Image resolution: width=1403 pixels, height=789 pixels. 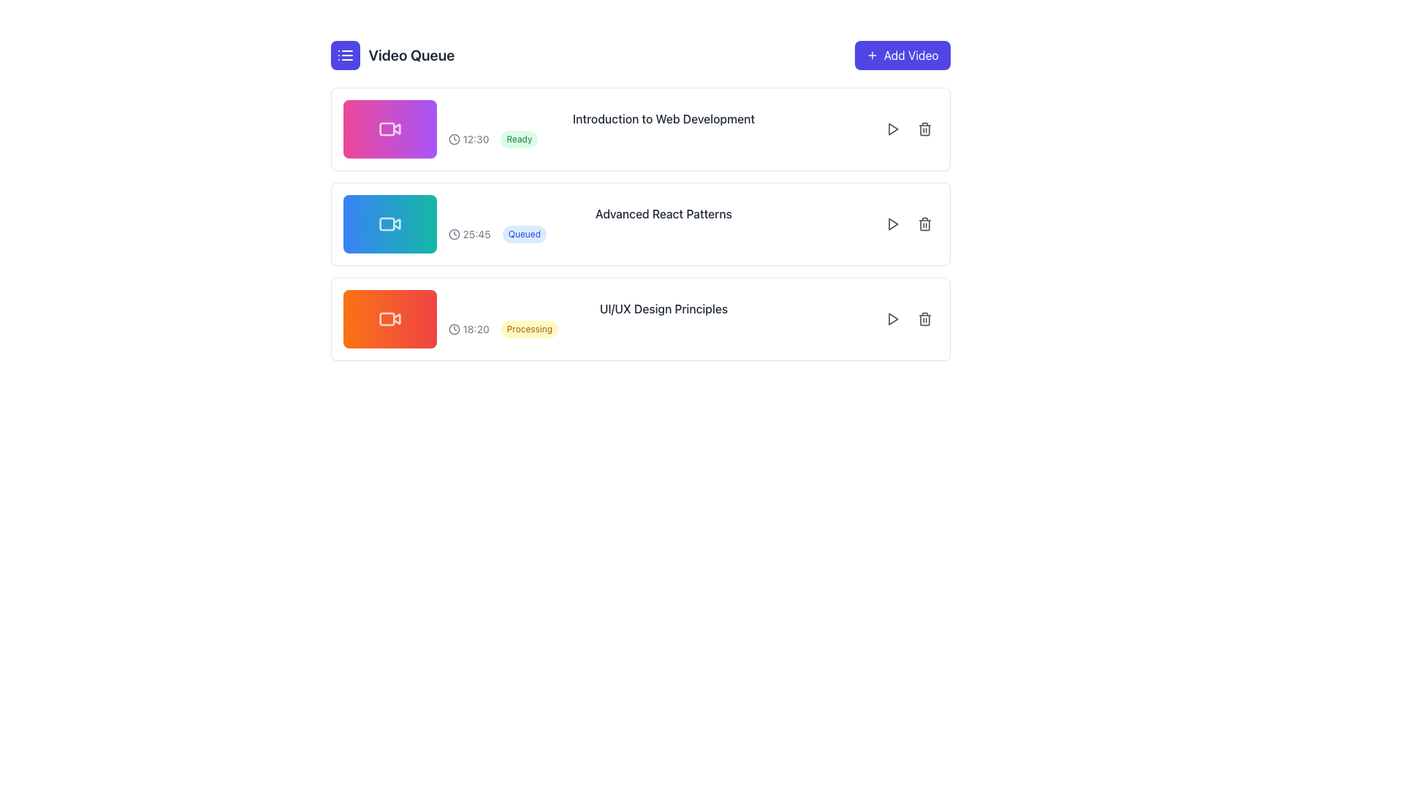 What do you see at coordinates (663, 129) in the screenshot?
I see `the descriptive label for the video queue entry located centrally in the first list item, to associate with the corresponding interactive elements like play and delete icons` at bounding box center [663, 129].